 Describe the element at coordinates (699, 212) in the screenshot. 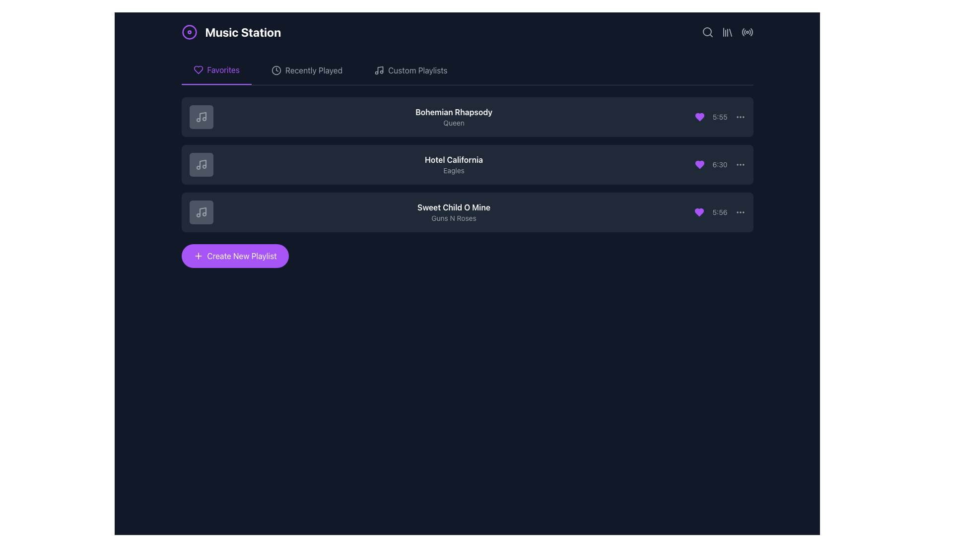

I see `the heart-shaped iconic button located in the third row of the playlist items, adjacent to the duration text '5:56'` at that location.